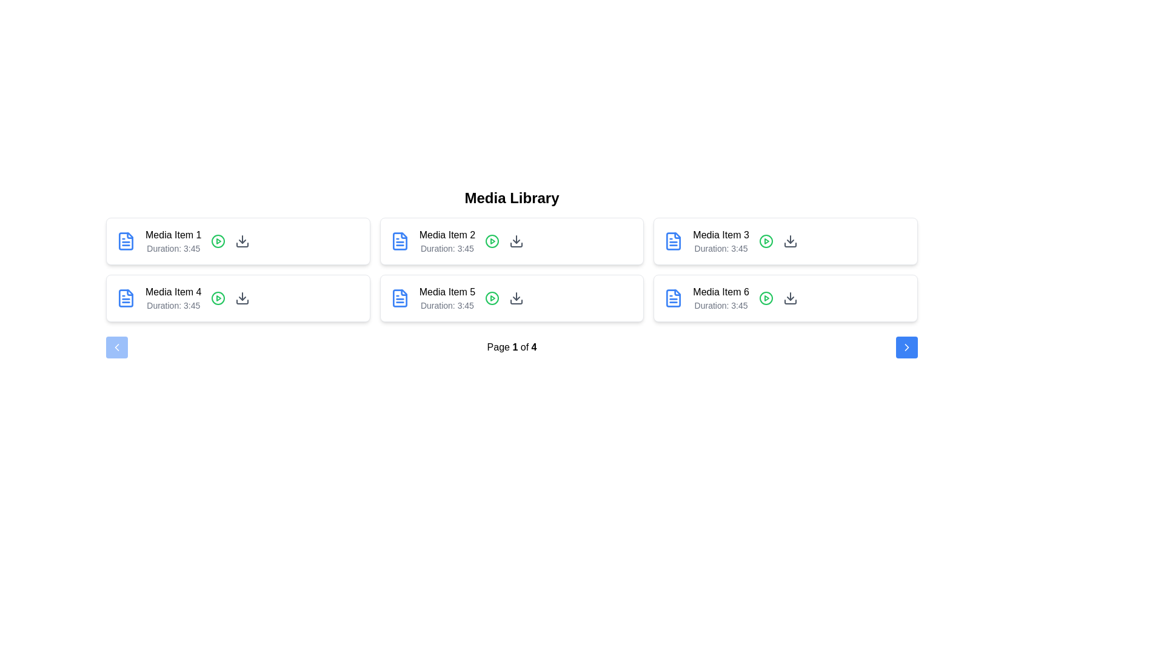 The height and width of the screenshot is (655, 1164). What do you see at coordinates (492, 298) in the screenshot?
I see `the circular shape with a green stroke that is part of the play button SVG icon located next to the label 'Media Item 5'` at bounding box center [492, 298].